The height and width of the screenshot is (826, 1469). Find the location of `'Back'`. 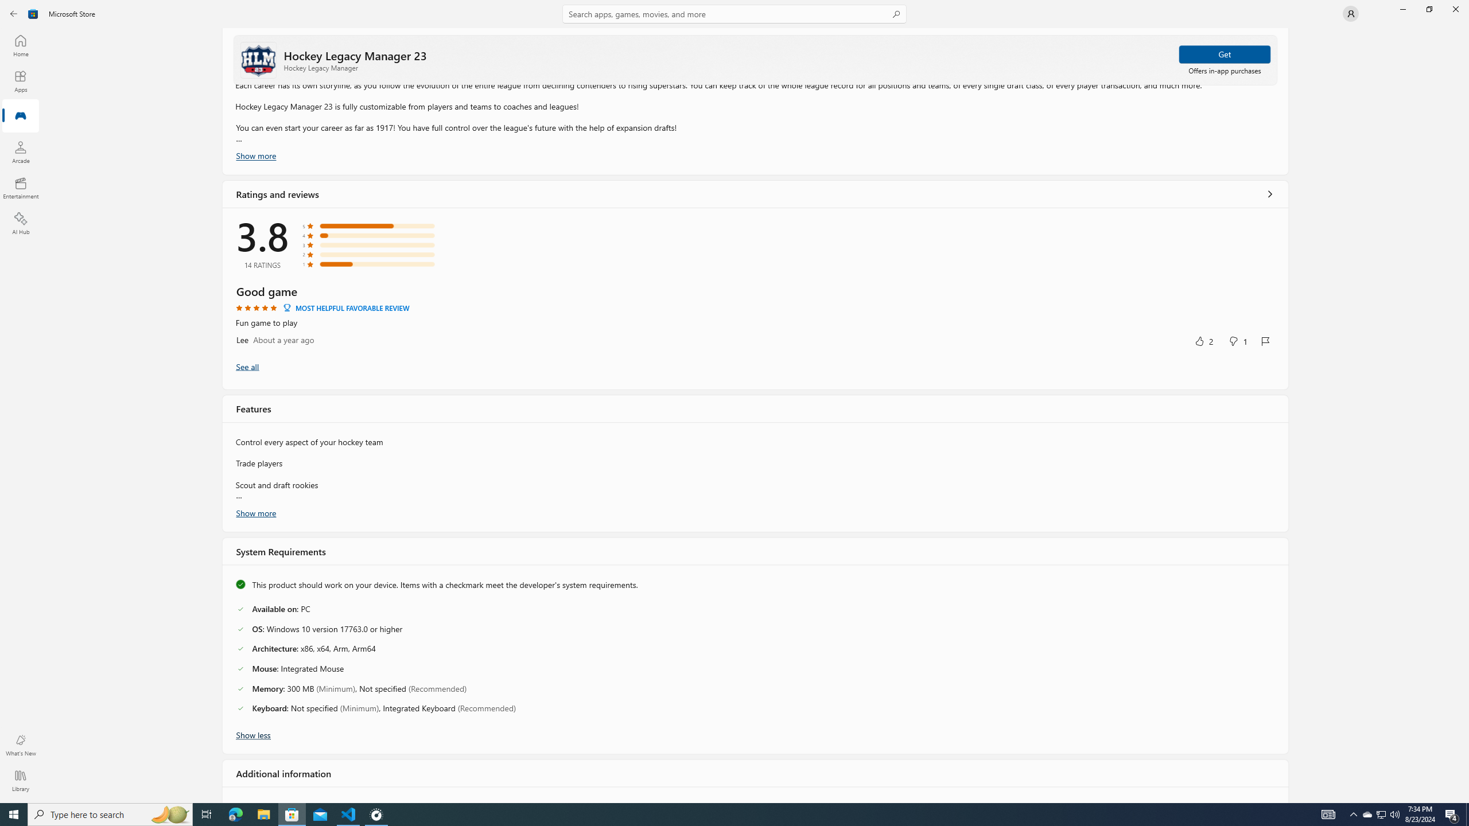

'Back' is located at coordinates (14, 13).